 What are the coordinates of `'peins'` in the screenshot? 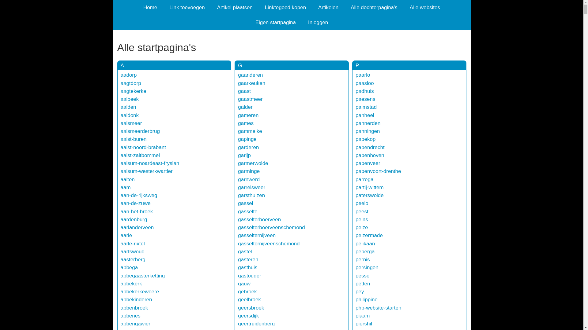 It's located at (362, 219).